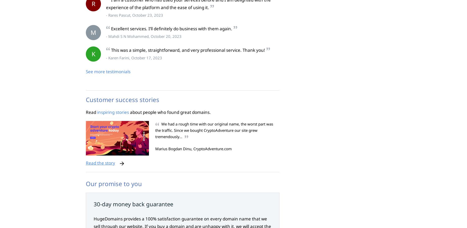 The image size is (467, 228). What do you see at coordinates (93, 32) in the screenshot?
I see `'M'` at bounding box center [93, 32].